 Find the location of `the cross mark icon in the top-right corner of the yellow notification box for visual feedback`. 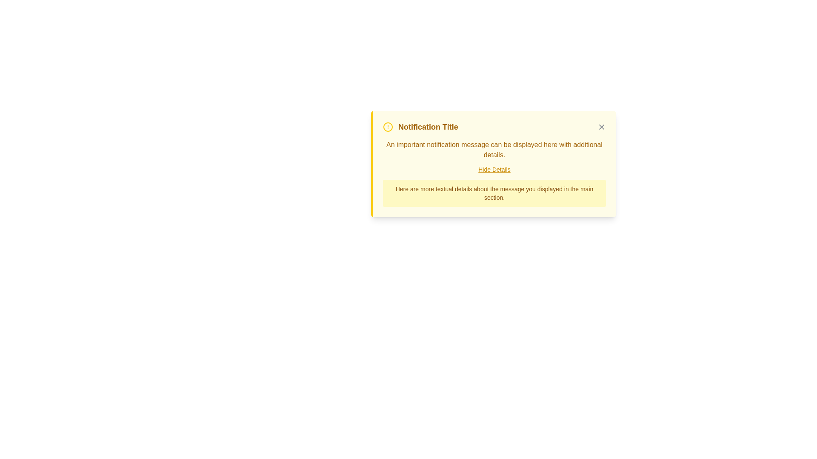

the cross mark icon in the top-right corner of the yellow notification box for visual feedback is located at coordinates (601, 127).